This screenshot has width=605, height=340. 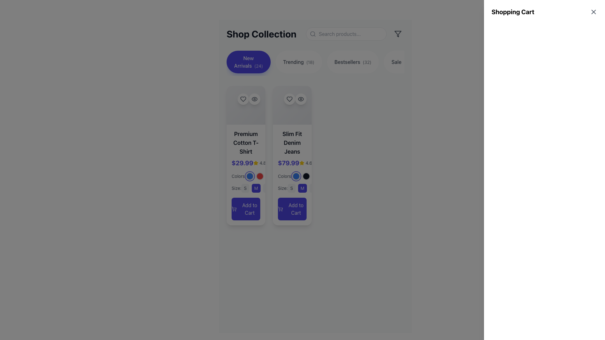 I want to click on the heart icon outlined in black, located within a circular white button on the top left corner of the 'Premium Cotton T-Shirt' card, to mark the product as favorite, so click(x=243, y=99).